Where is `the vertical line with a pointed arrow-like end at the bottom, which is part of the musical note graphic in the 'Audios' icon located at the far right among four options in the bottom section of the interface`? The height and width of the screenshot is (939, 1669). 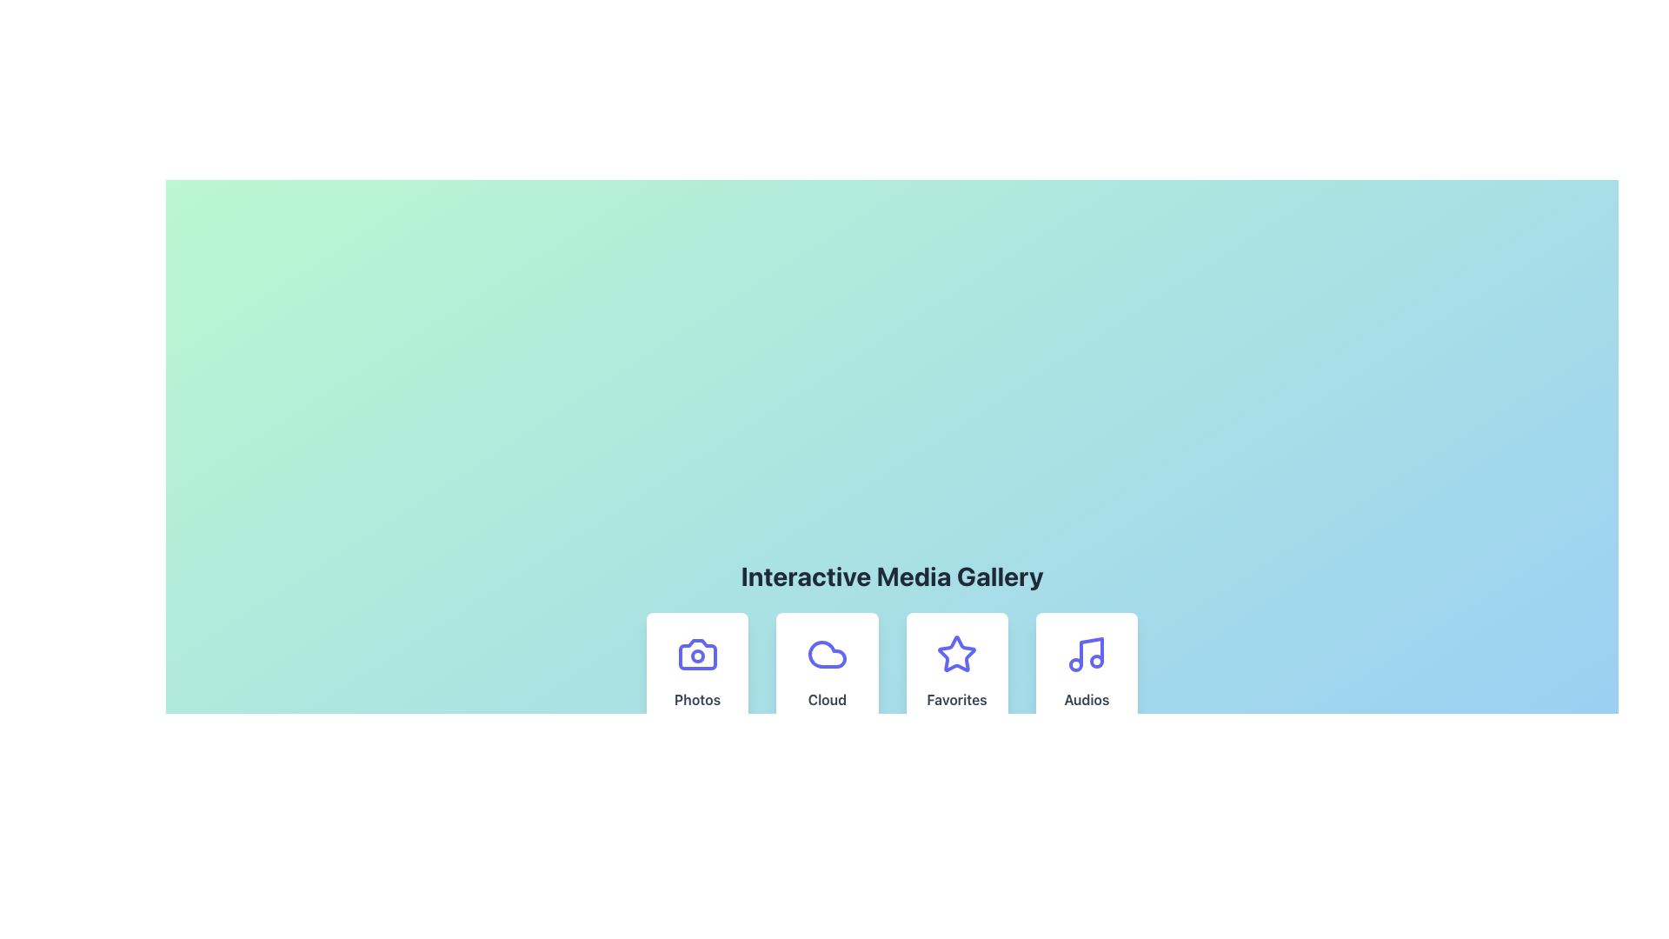
the vertical line with a pointed arrow-like end at the bottom, which is part of the musical note graphic in the 'Audios' icon located at the far right among four options in the bottom section of the interface is located at coordinates (1091, 651).